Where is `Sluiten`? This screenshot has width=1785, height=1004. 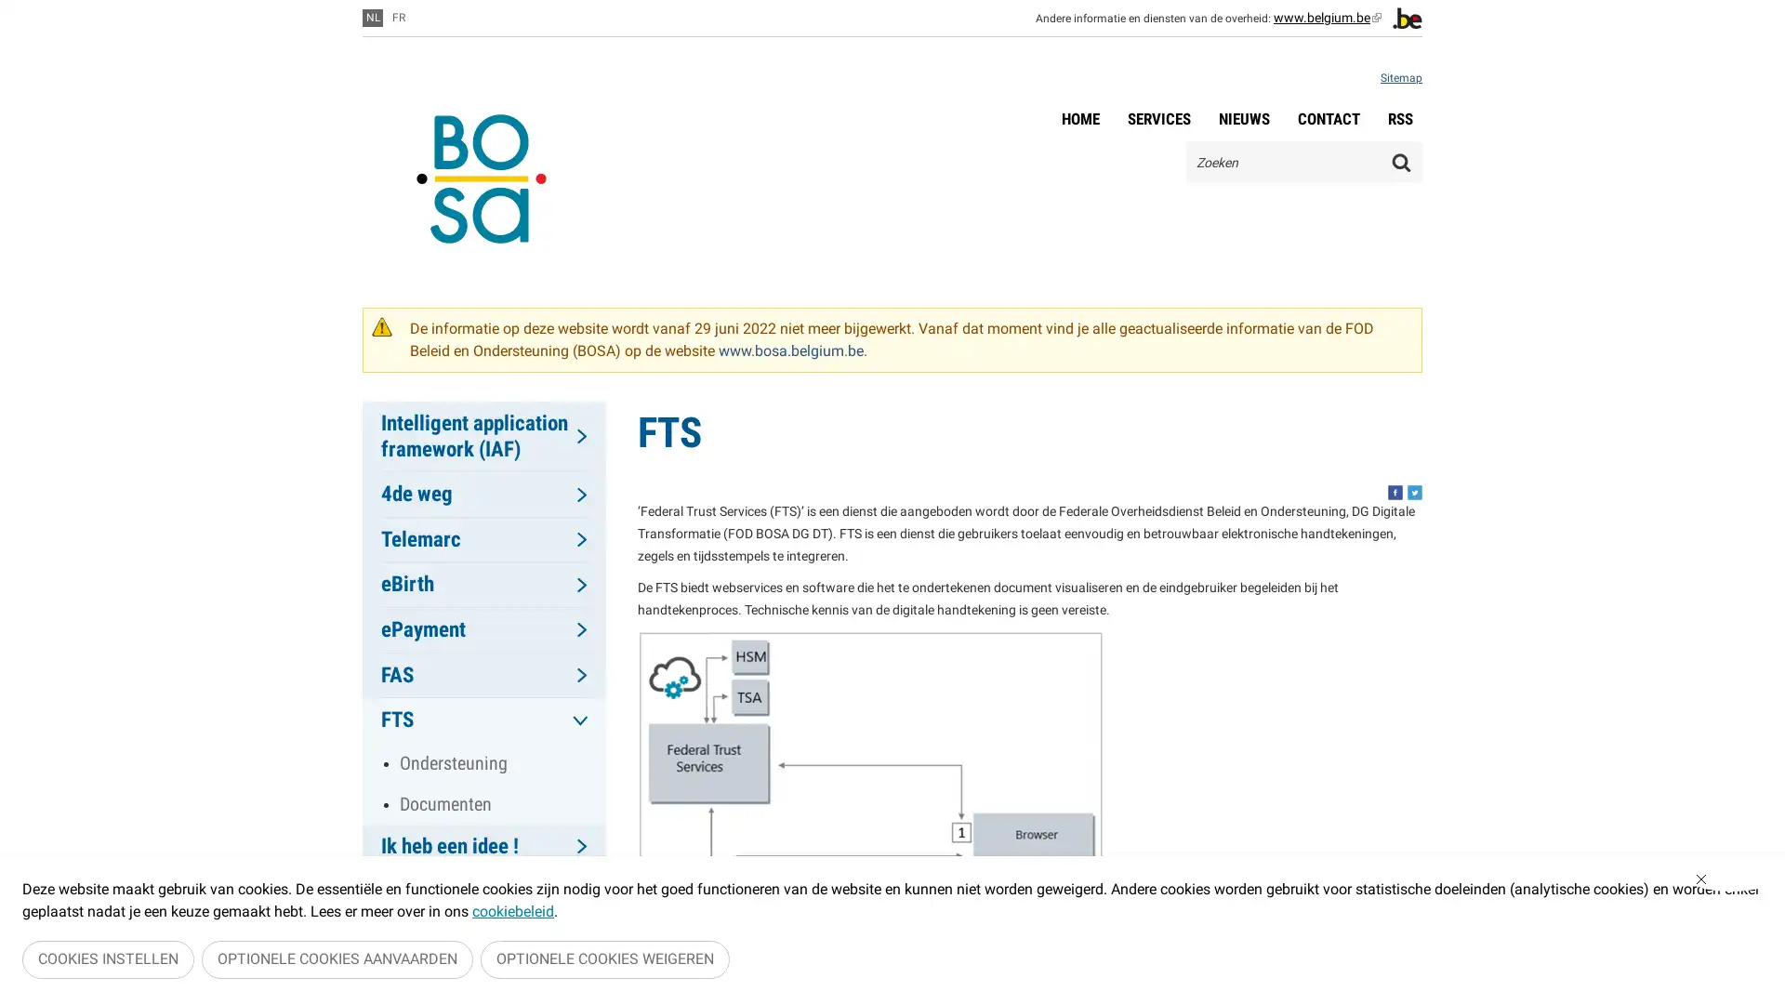
Sluiten is located at coordinates (1730, 883).